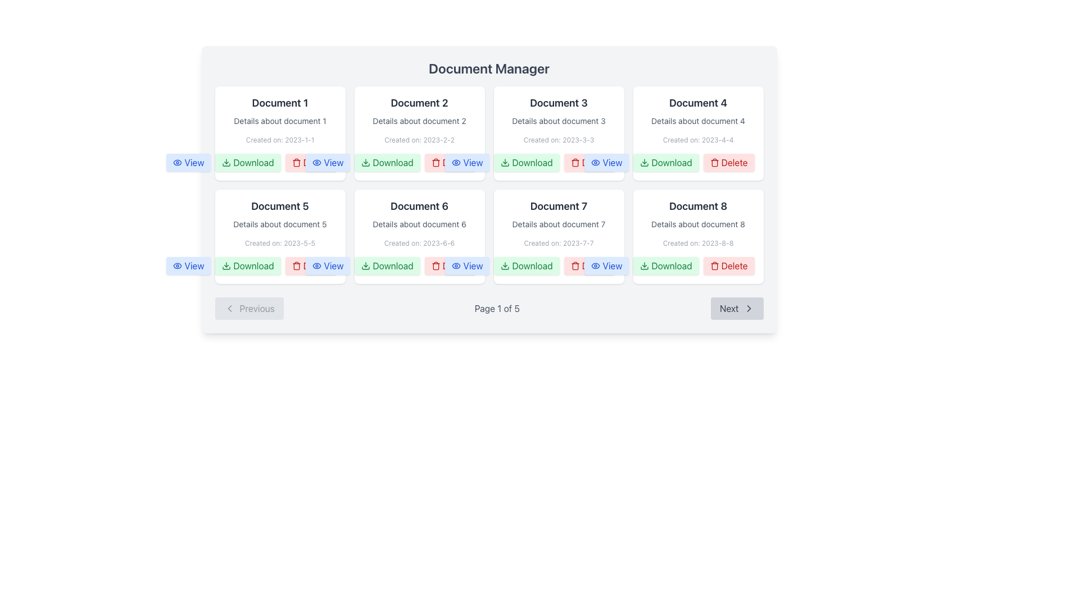 Image resolution: width=1079 pixels, height=606 pixels. Describe the element at coordinates (496, 309) in the screenshot. I see `the text label displaying 'Page 1 of 5' in the footer area, which indicates the pagination status` at that location.